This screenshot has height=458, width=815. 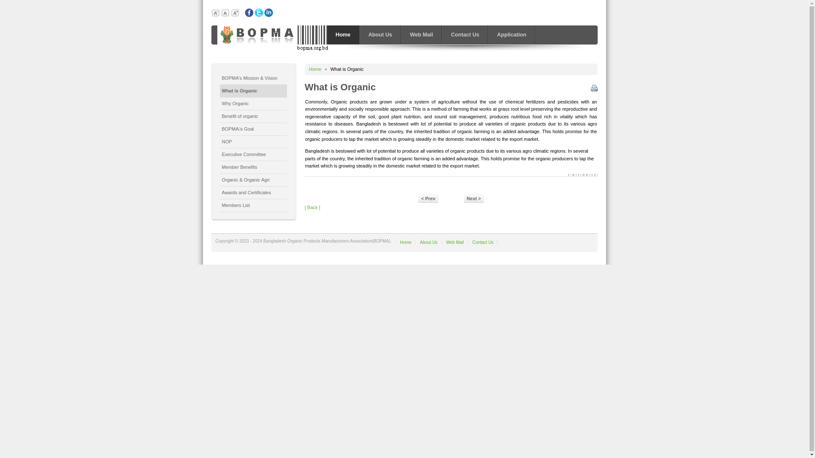 What do you see at coordinates (253, 167) in the screenshot?
I see `'Member Benefits'` at bounding box center [253, 167].